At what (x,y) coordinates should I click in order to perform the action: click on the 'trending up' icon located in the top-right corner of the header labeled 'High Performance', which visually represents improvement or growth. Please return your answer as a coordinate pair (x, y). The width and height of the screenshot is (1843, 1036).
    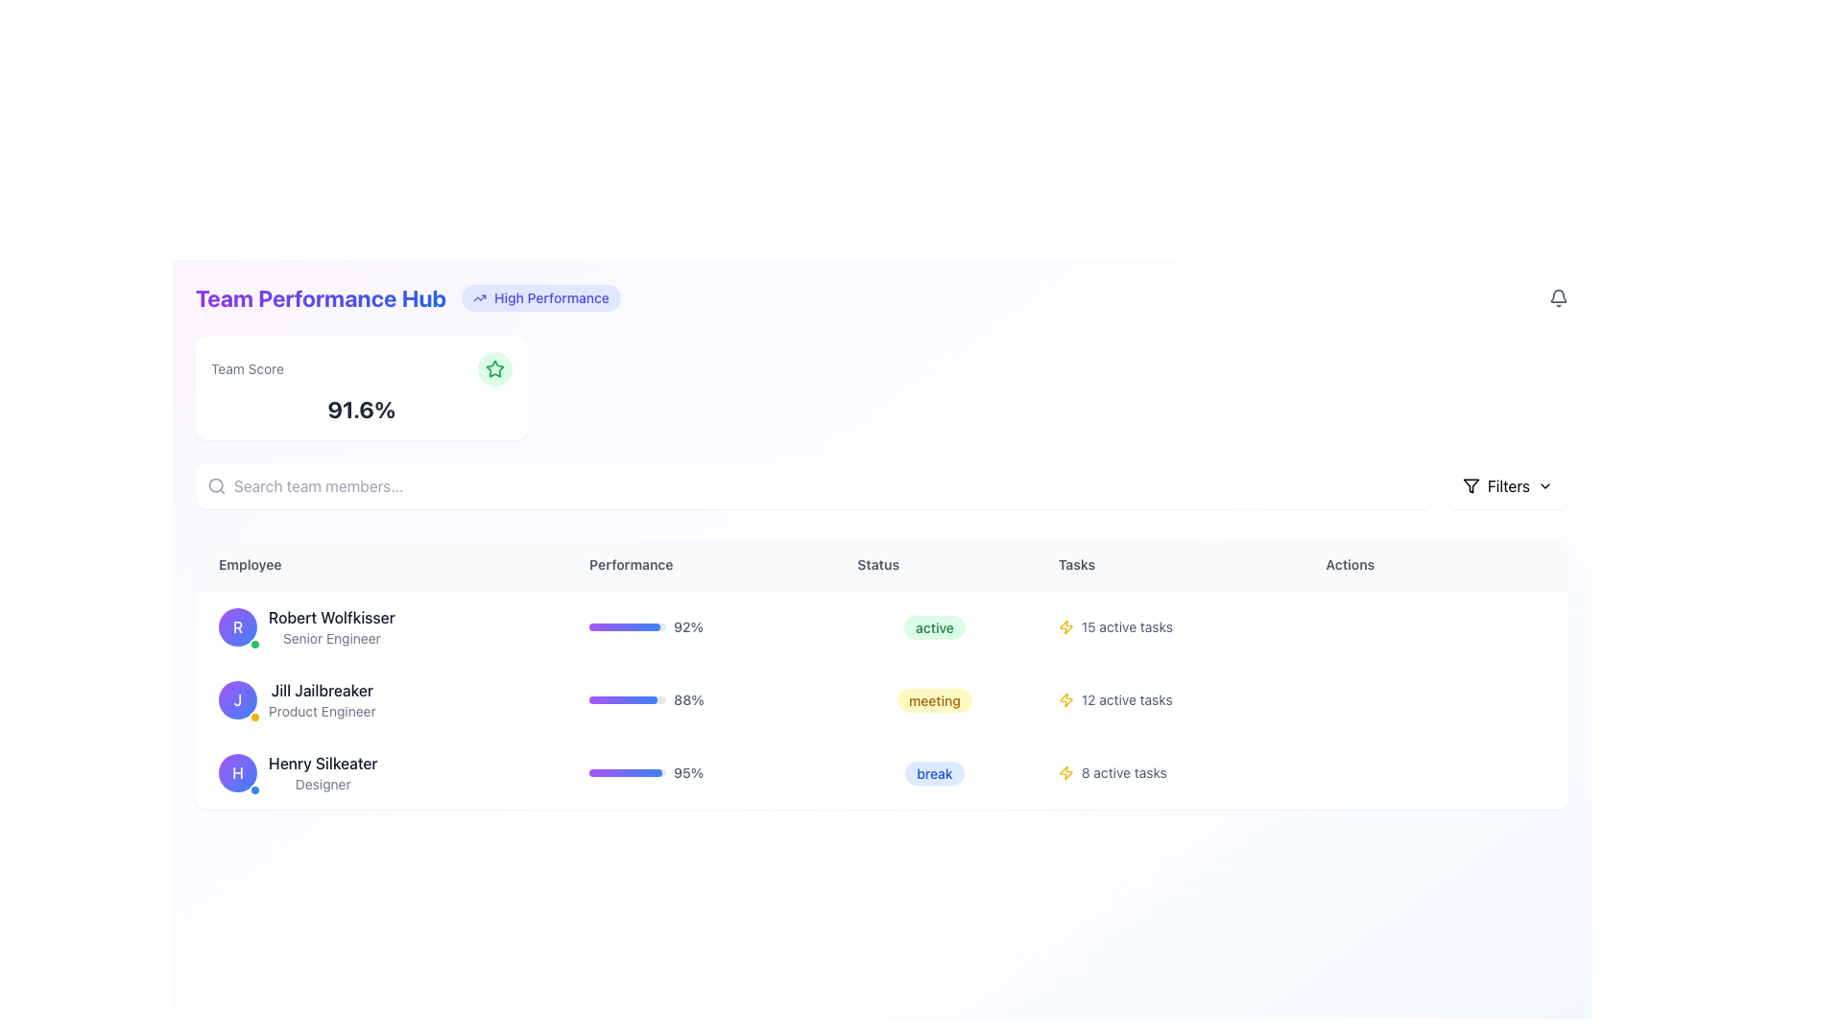
    Looking at the image, I should click on (480, 298).